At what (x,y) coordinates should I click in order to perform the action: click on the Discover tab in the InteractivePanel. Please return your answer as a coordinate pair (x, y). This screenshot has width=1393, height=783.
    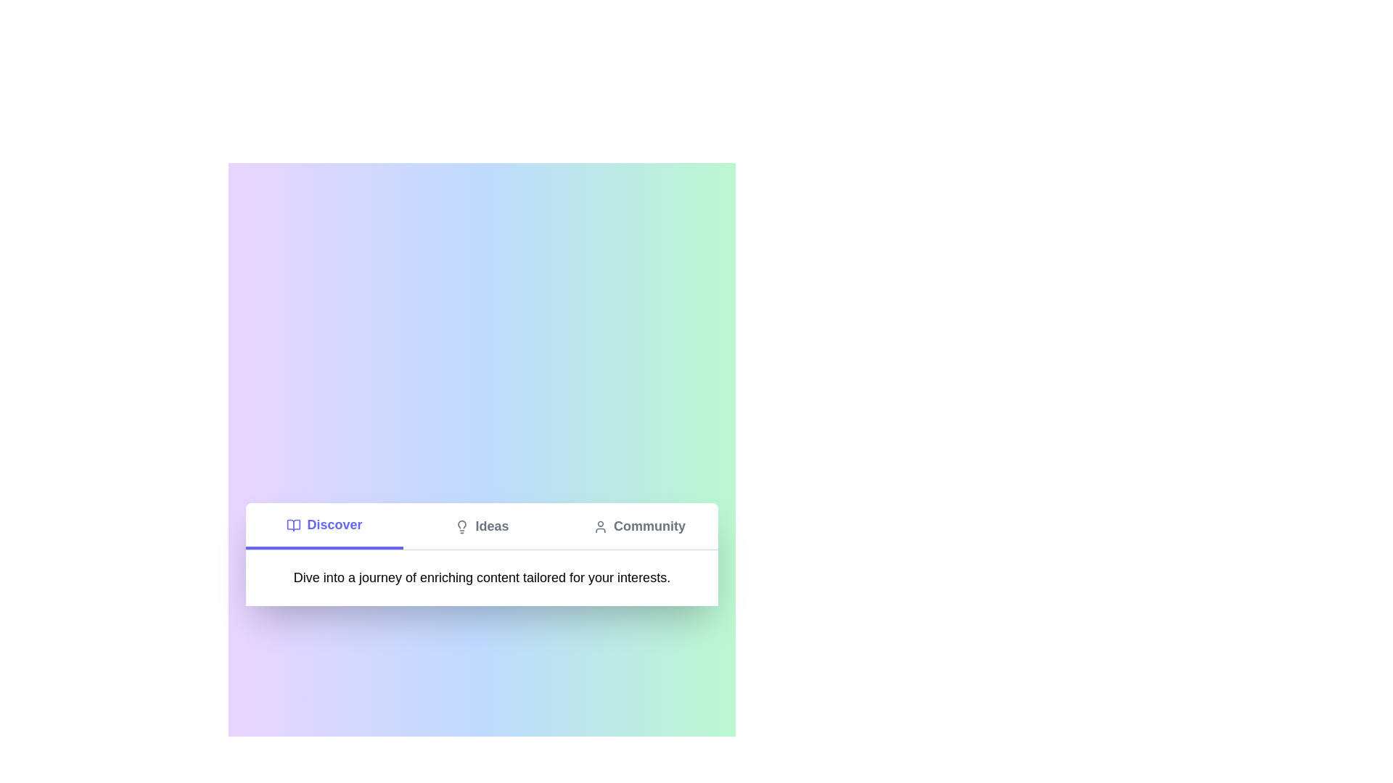
    Looking at the image, I should click on (324, 526).